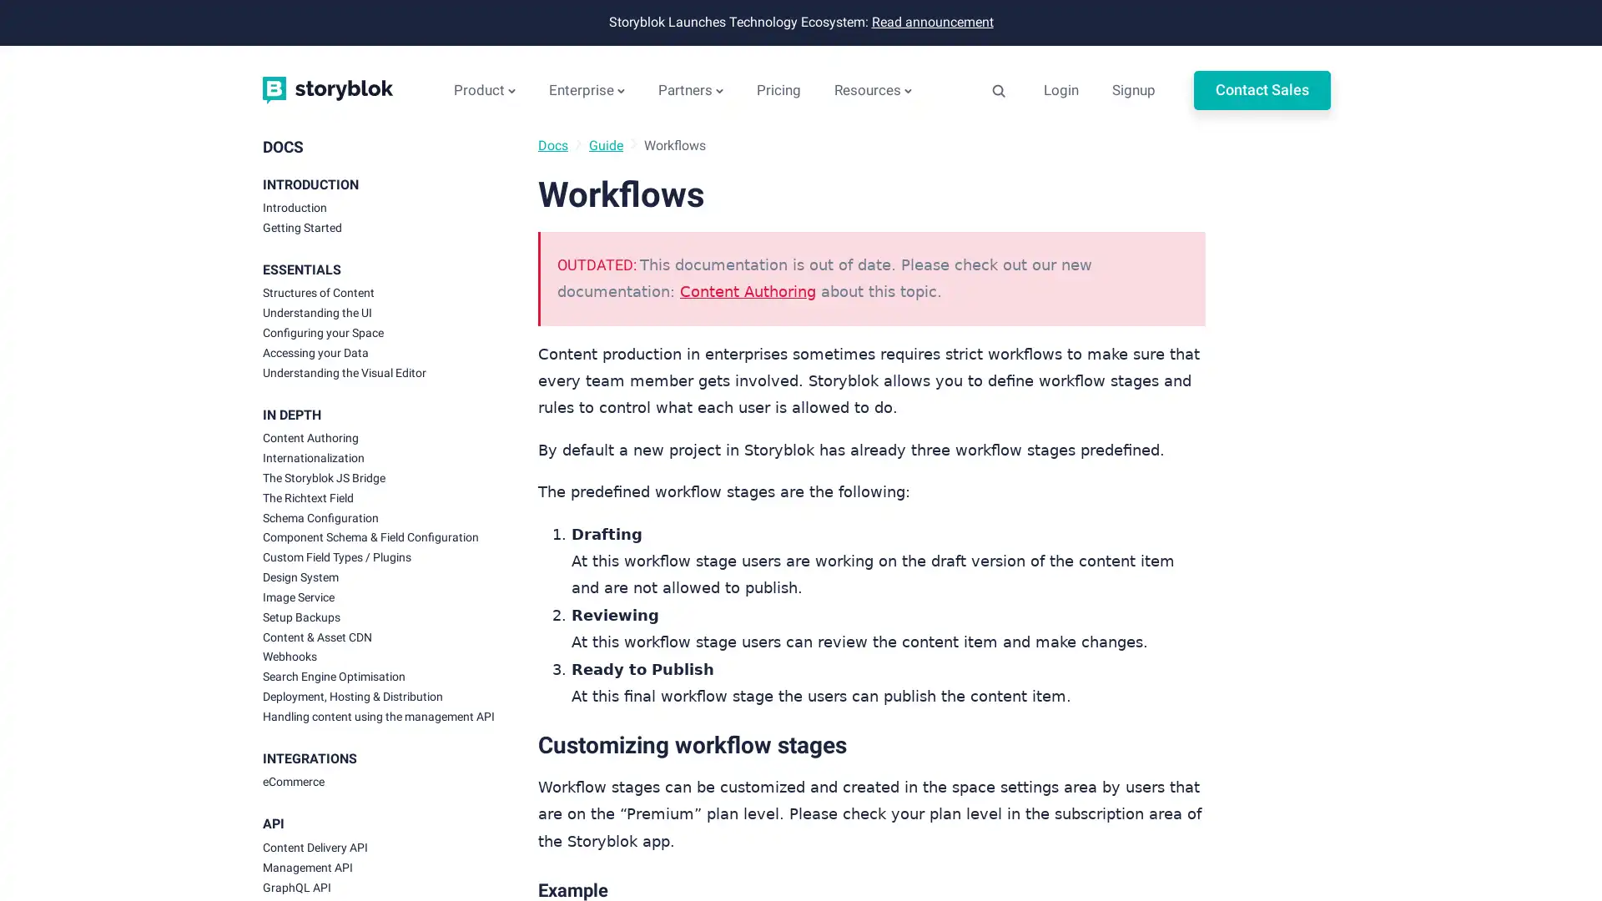  What do you see at coordinates (483, 90) in the screenshot?
I see `Product` at bounding box center [483, 90].